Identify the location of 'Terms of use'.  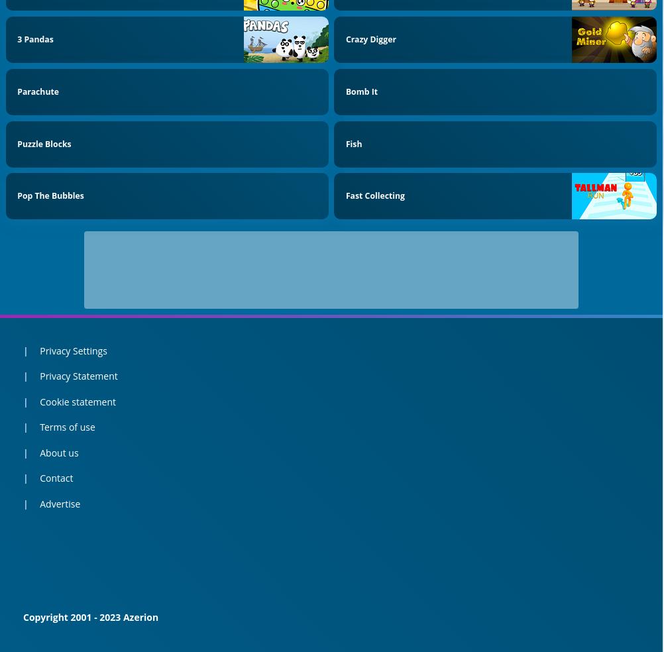
(66, 427).